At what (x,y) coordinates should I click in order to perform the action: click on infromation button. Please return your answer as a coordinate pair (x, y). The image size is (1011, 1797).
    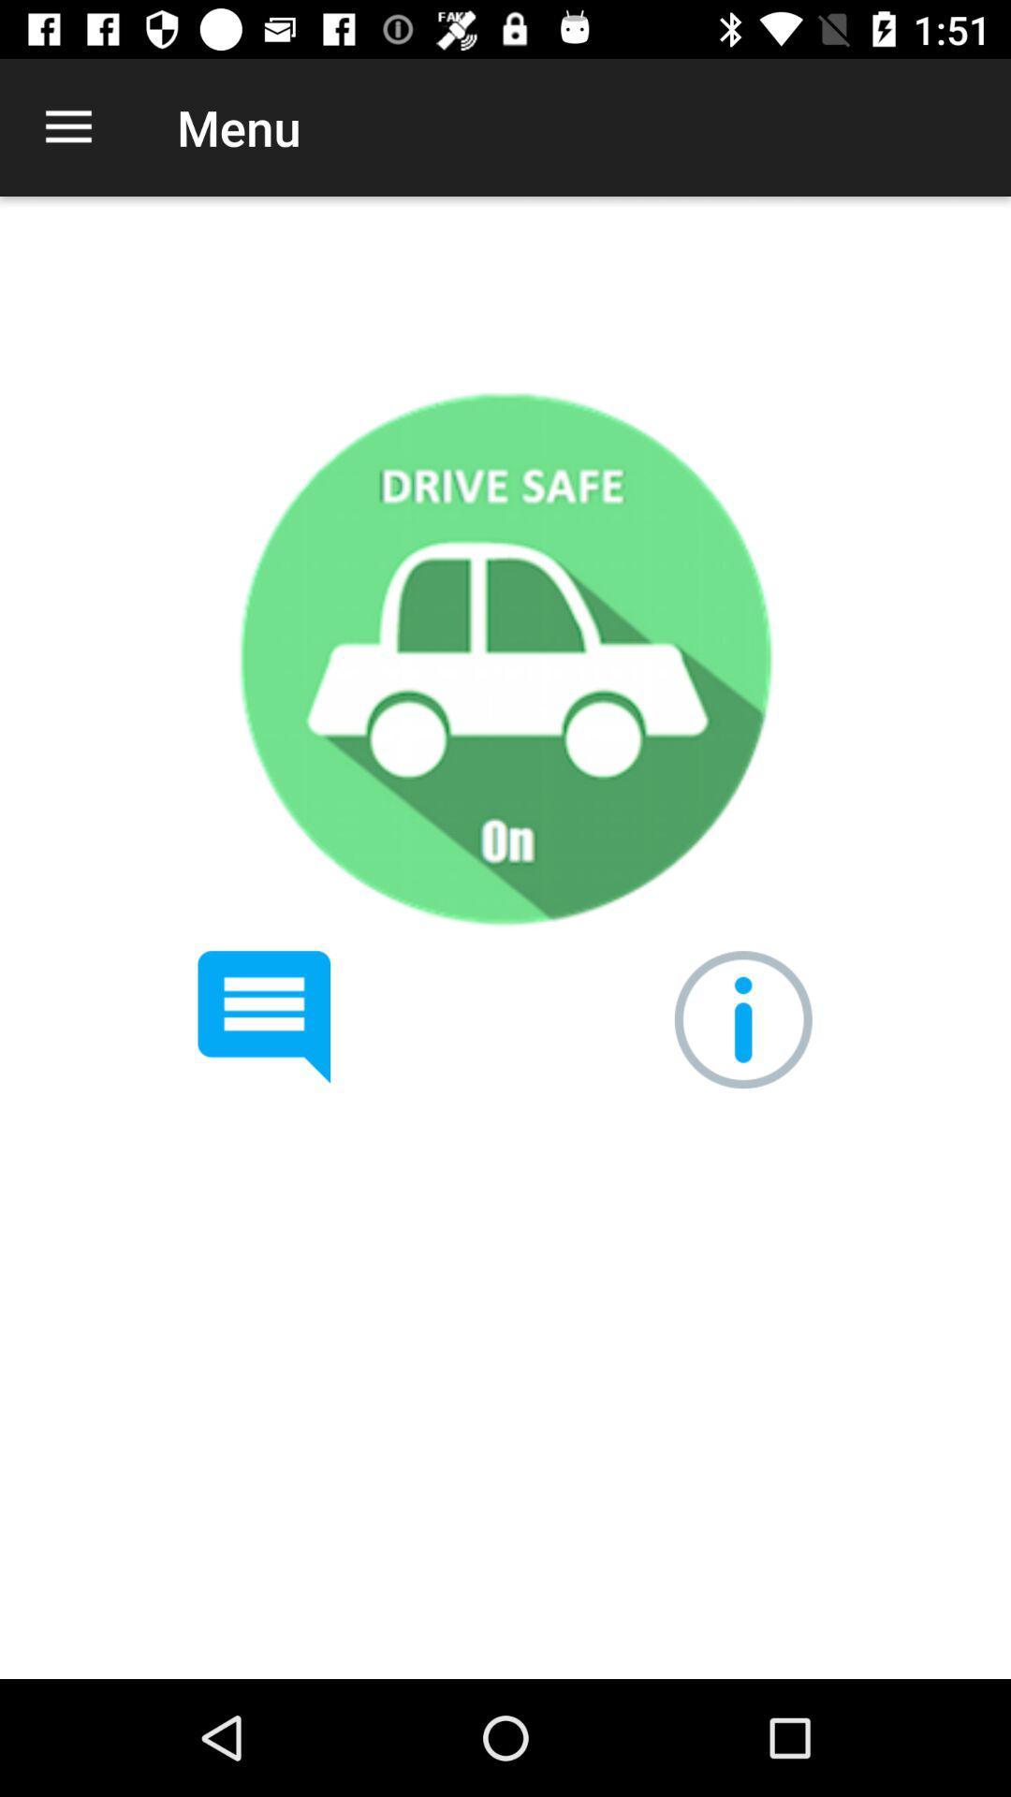
    Looking at the image, I should click on (742, 1018).